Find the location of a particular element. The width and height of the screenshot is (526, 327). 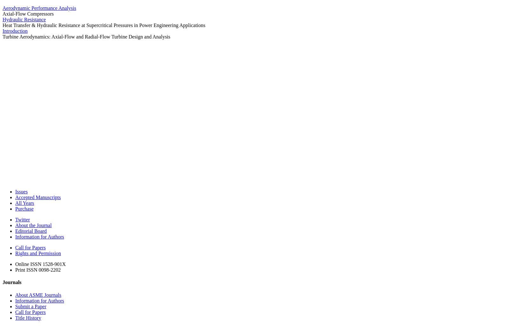

'Hydraulic Resistance' is located at coordinates (24, 19).